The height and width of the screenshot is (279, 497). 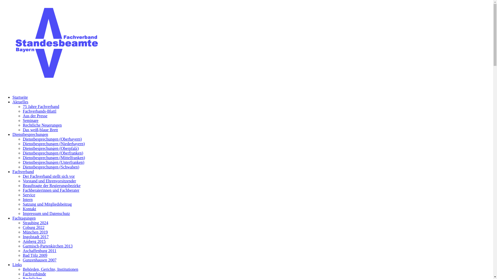 What do you see at coordinates (28, 195) in the screenshot?
I see `'Service'` at bounding box center [28, 195].